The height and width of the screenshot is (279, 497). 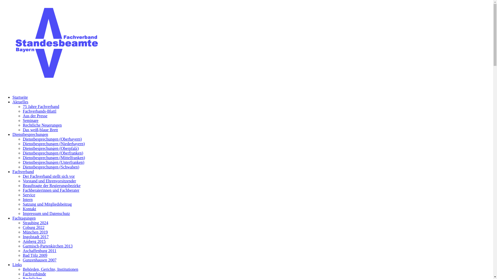 What do you see at coordinates (28, 195) in the screenshot?
I see `'Service'` at bounding box center [28, 195].